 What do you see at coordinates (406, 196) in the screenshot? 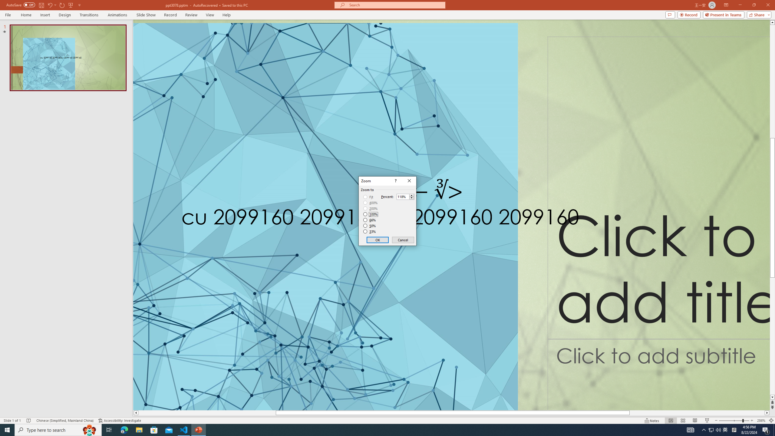
I see `'Percent'` at bounding box center [406, 196].